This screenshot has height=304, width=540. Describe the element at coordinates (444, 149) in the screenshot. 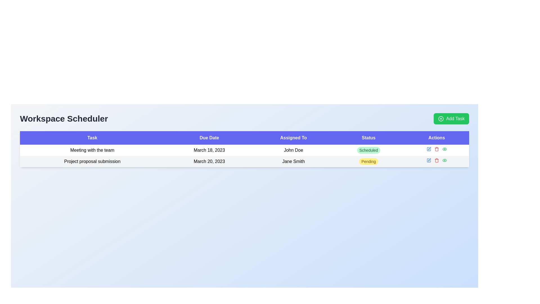

I see `the green eye icon button in the actions column of the second row of the table` at that location.